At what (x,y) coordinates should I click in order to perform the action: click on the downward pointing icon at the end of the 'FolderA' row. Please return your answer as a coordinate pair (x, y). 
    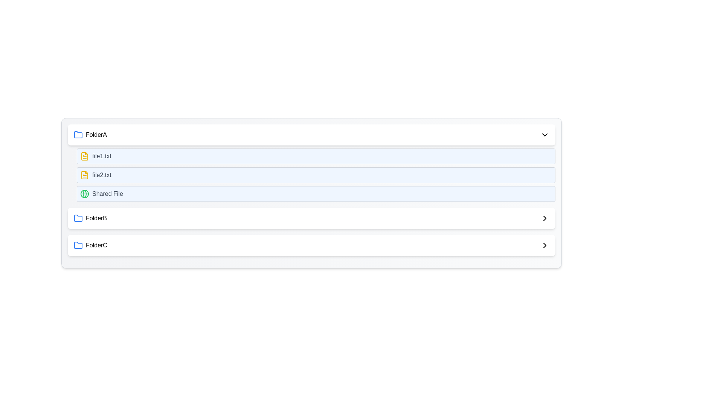
    Looking at the image, I should click on (545, 134).